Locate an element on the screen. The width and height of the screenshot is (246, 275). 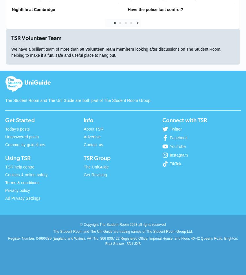
'Today's posts' is located at coordinates (17, 129).